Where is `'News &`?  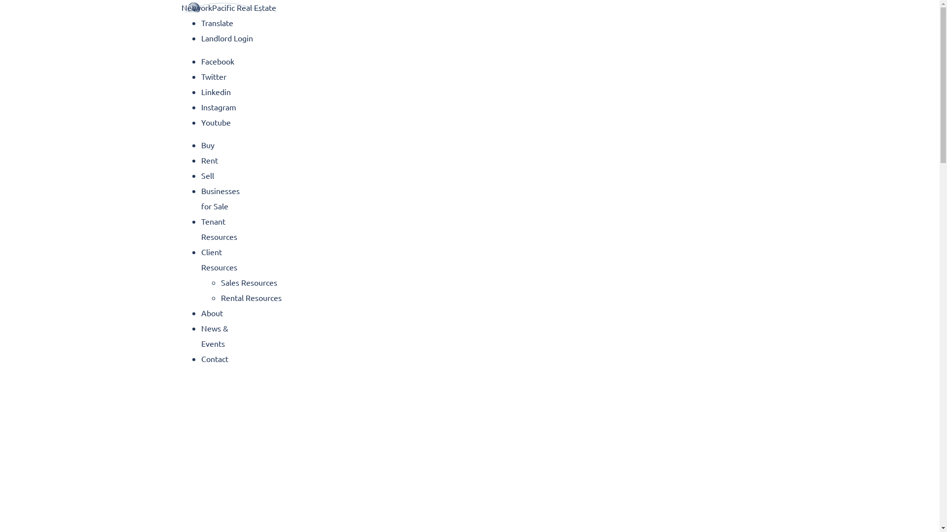
'News & is located at coordinates (214, 335).